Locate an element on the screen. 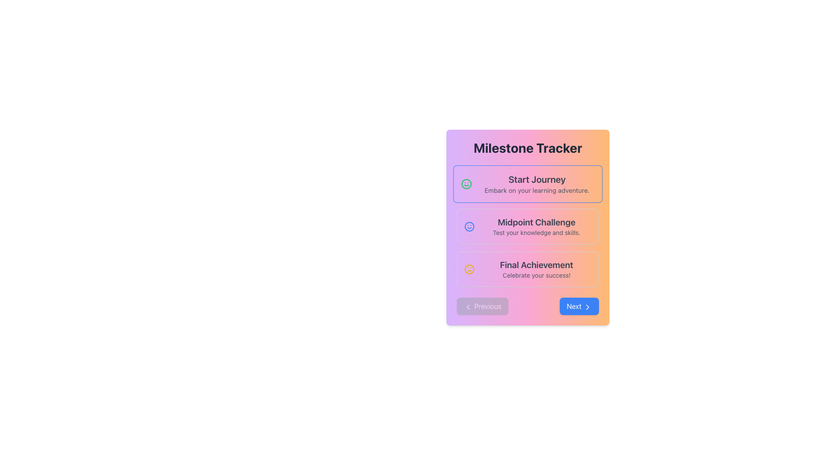 The height and width of the screenshot is (470, 837). the 'Start Journey' card in the Milestone Tracker section, which is the first card in a vertical list of three cards, presenting the initial step of a milestone tracking process is located at coordinates (527, 184).